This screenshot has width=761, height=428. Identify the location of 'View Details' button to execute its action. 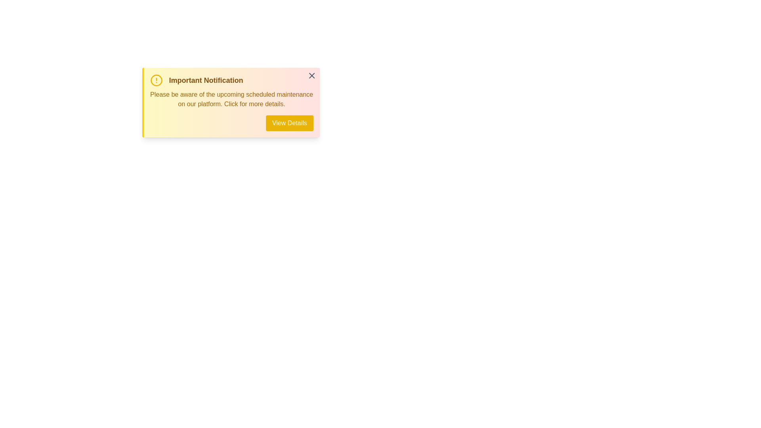
(289, 123).